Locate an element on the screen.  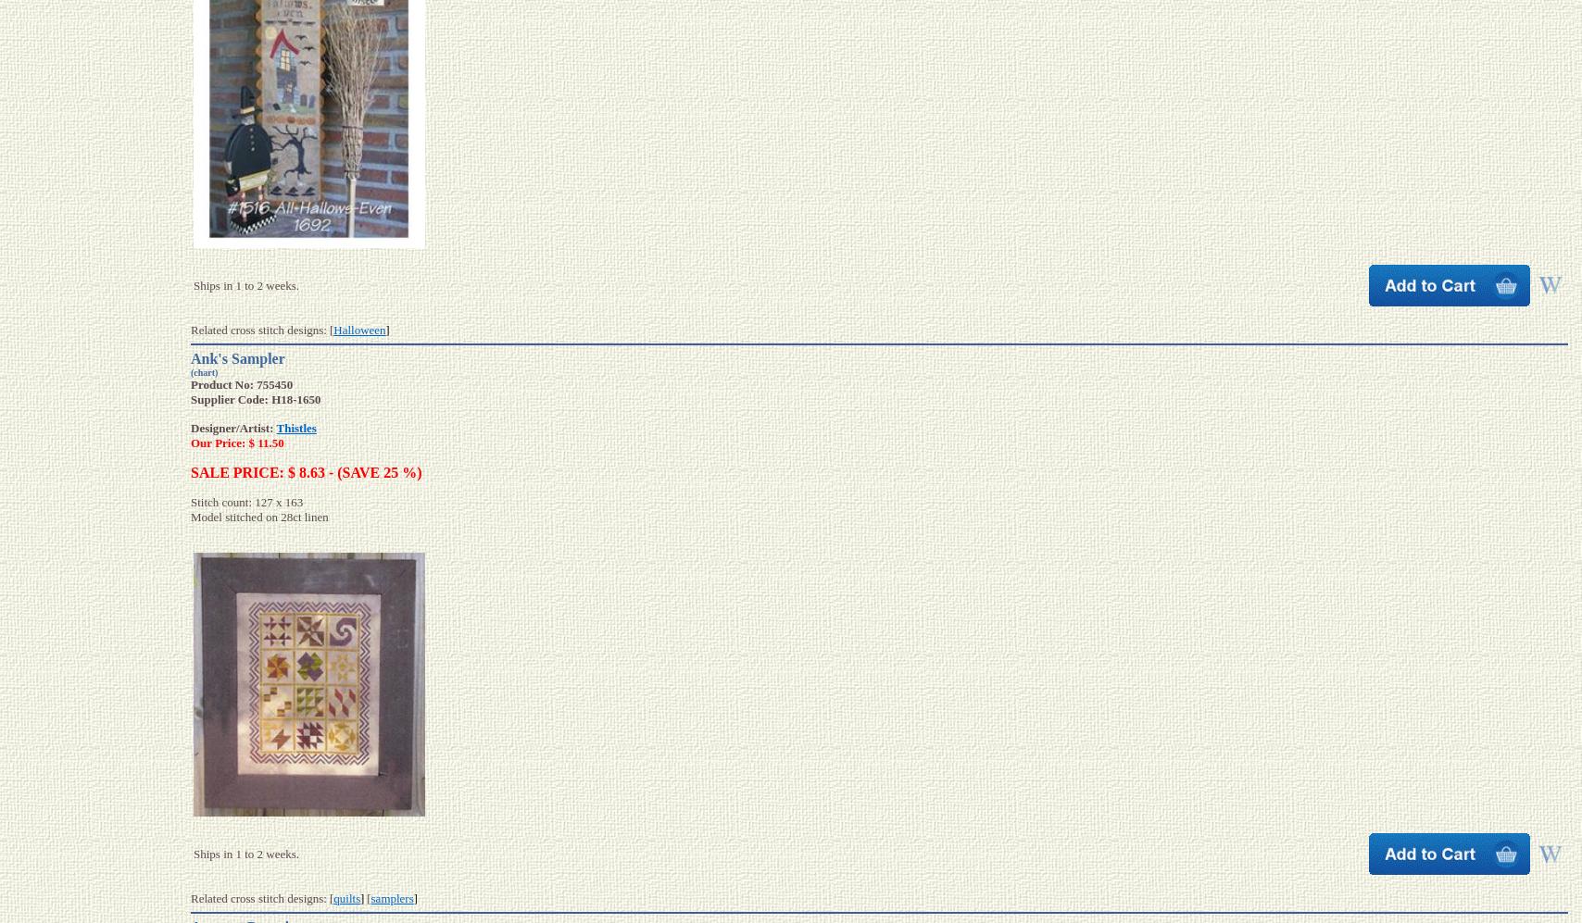
'SALE PRICE: $ 8.63 - (SAVE 25 %)' is located at coordinates (306, 470).